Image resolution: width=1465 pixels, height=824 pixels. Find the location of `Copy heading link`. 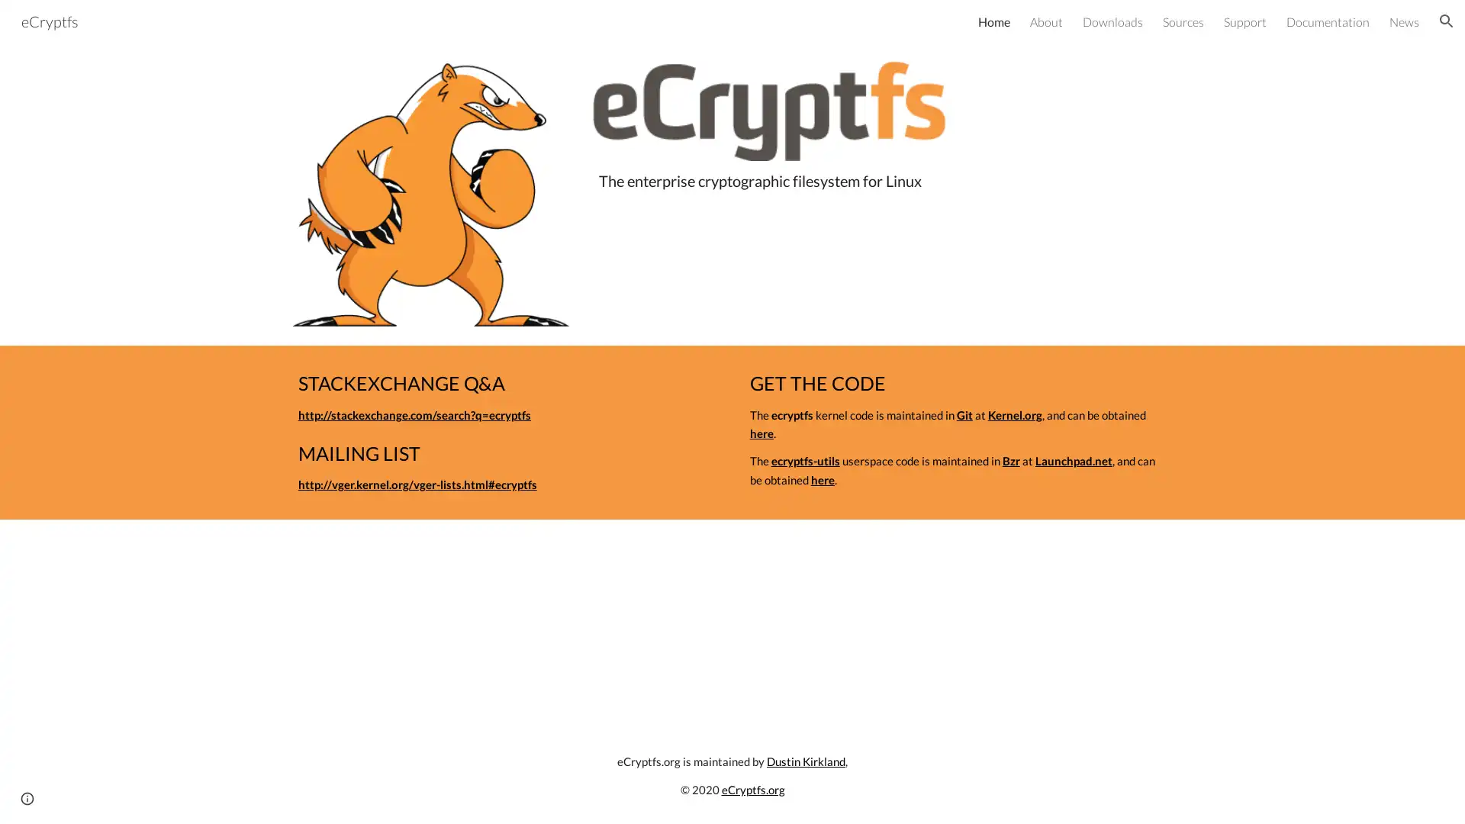

Copy heading link is located at coordinates (938, 179).